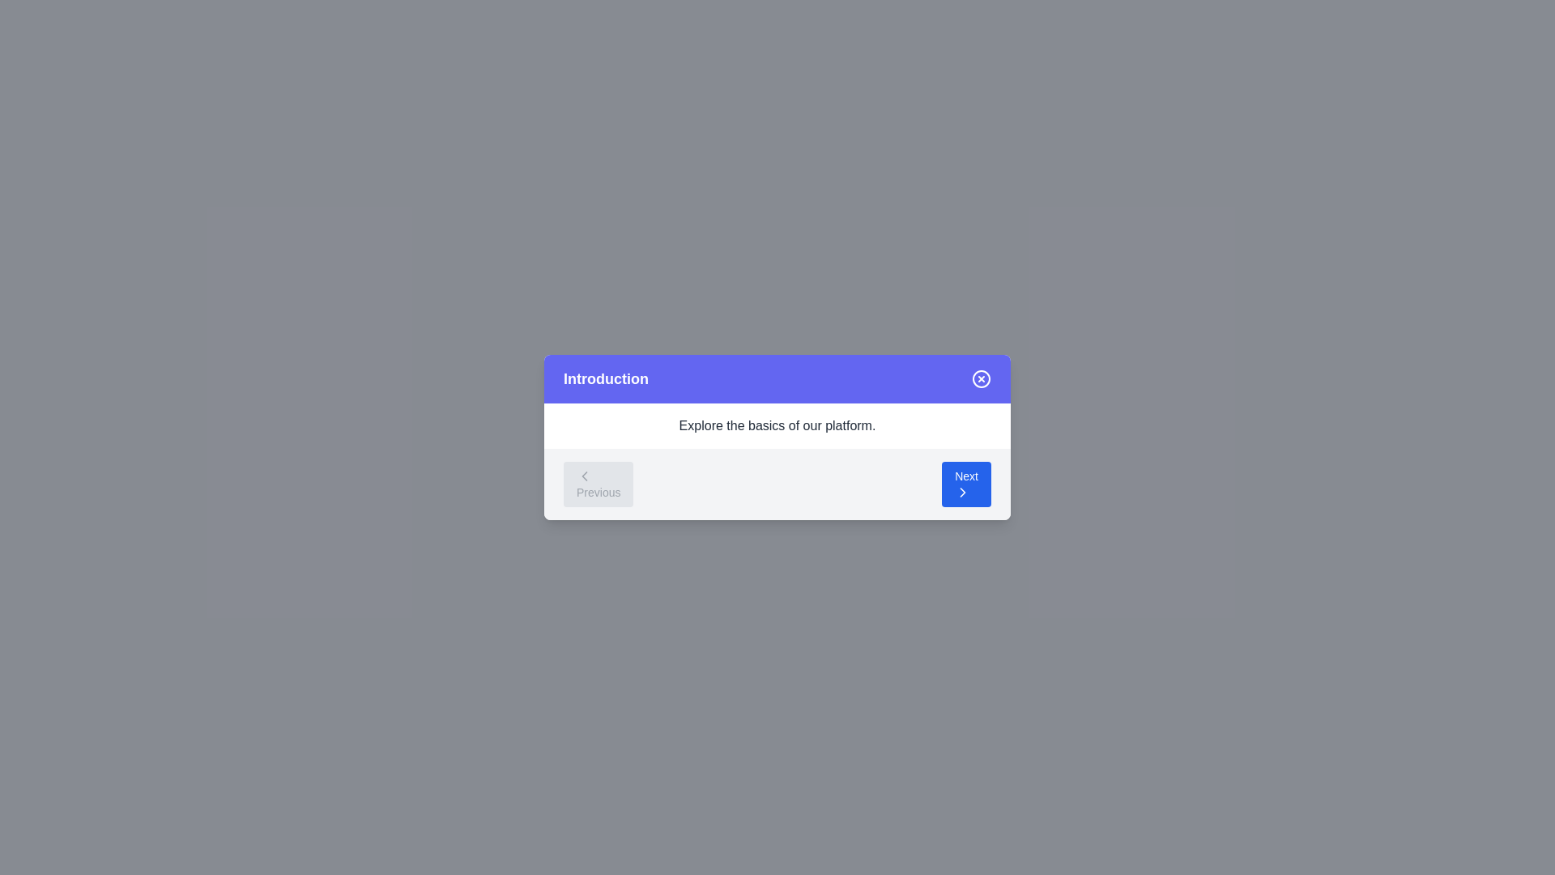 This screenshot has height=875, width=1555. Describe the element at coordinates (605, 378) in the screenshot. I see `the 'Introduction' text label, which is styled in bold and white font located in the blue header bar at the top of the modal interface` at that location.